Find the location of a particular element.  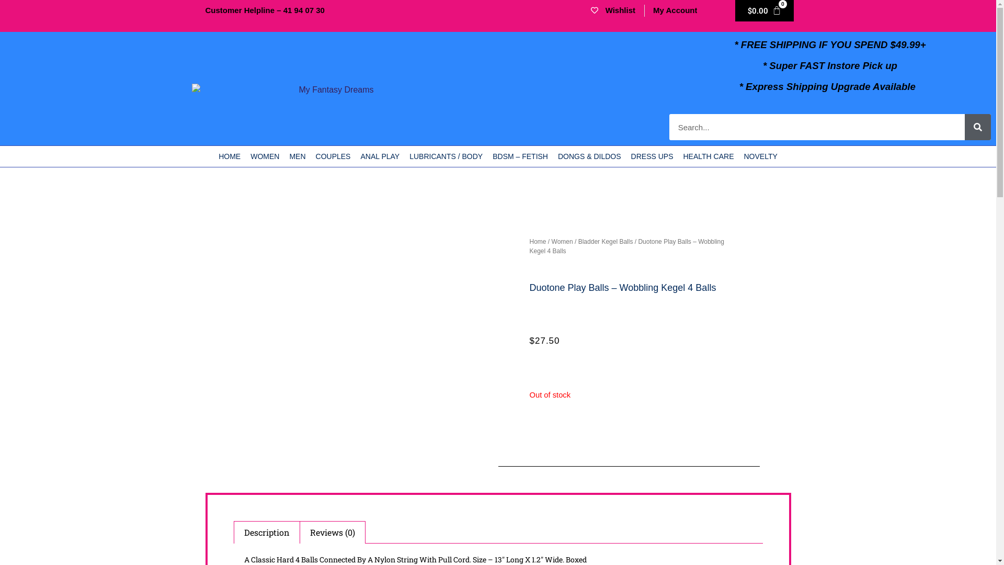

'Description' is located at coordinates (233, 533).